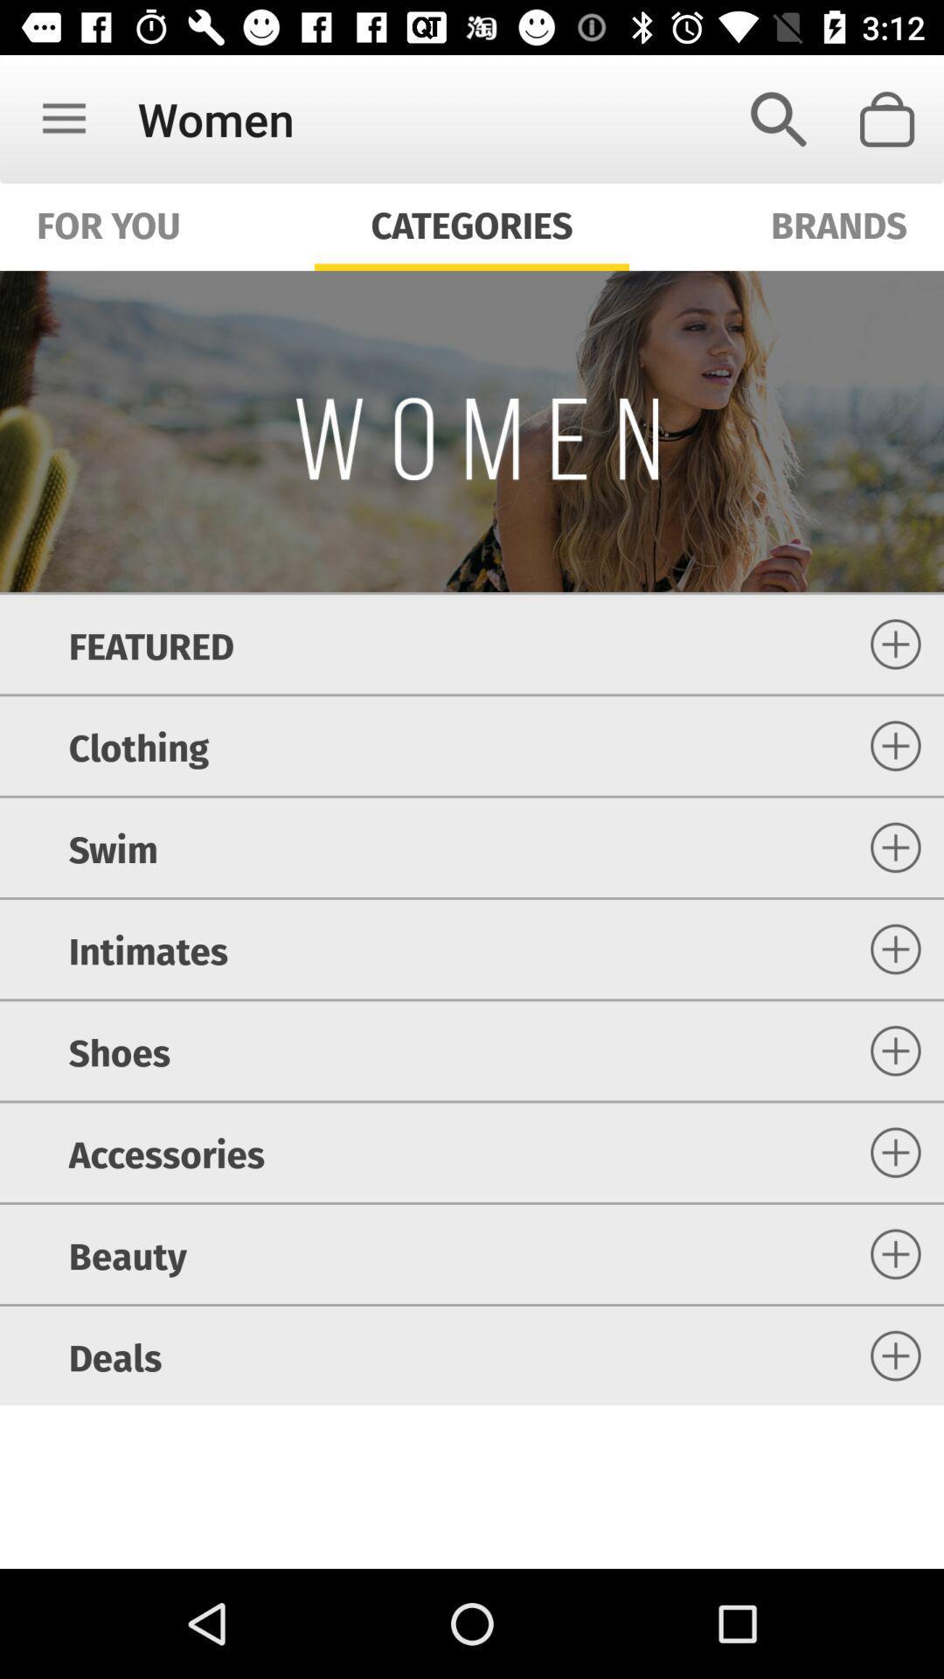  Describe the element at coordinates (137, 746) in the screenshot. I see `the icon above the swim icon` at that location.